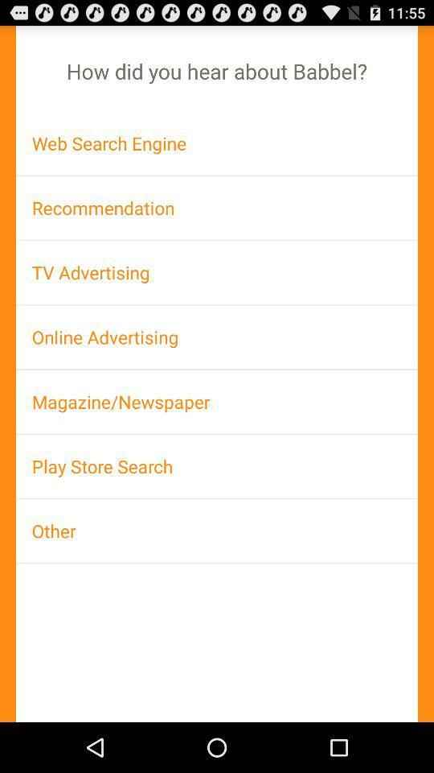  Describe the element at coordinates (217, 466) in the screenshot. I see `the app above other item` at that location.